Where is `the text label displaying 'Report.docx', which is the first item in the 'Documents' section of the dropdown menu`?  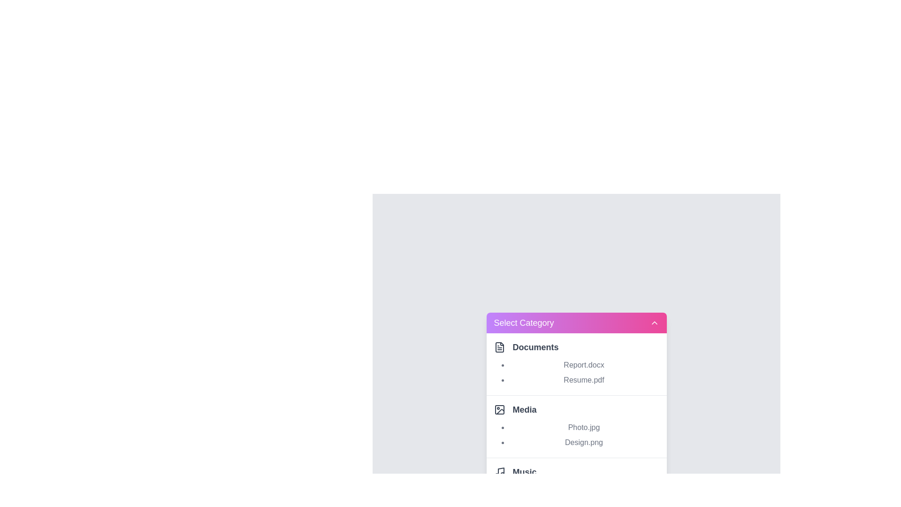 the text label displaying 'Report.docx', which is the first item in the 'Documents' section of the dropdown menu is located at coordinates (583, 364).